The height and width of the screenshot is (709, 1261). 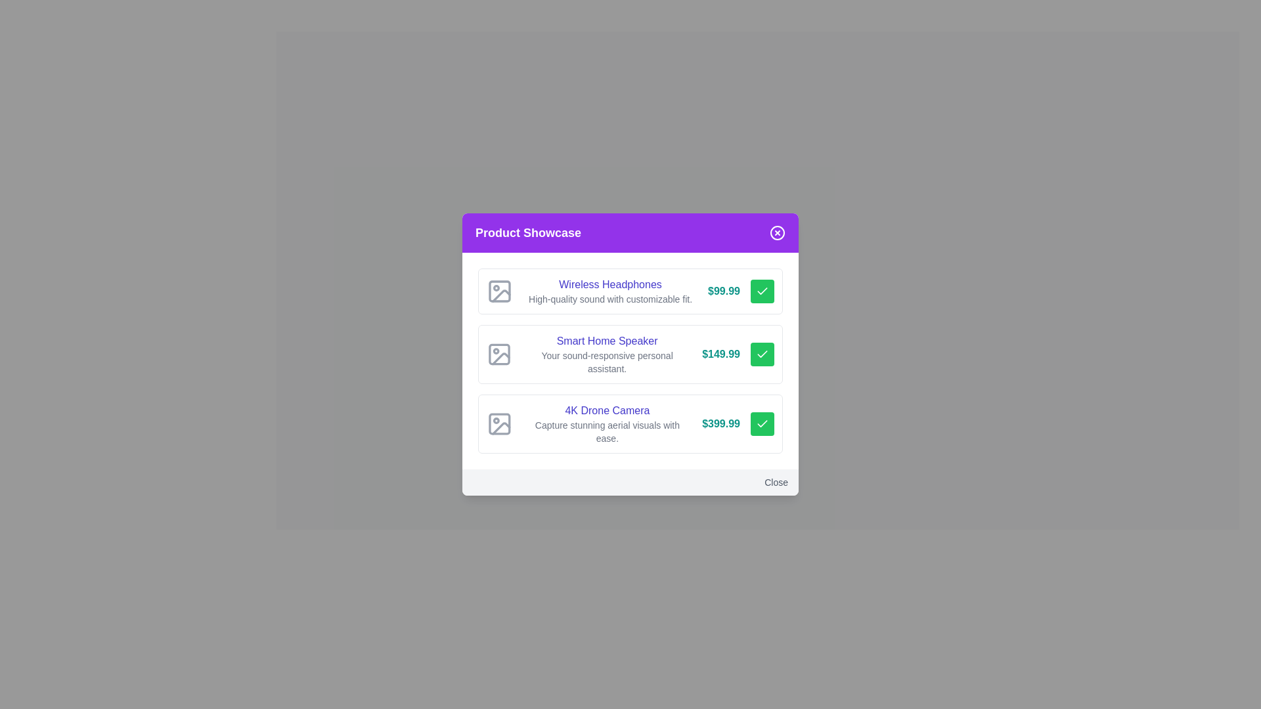 I want to click on secondary descriptive text element that provides additional details about the 'Smart Home Speaker' item, located directly below the 'Smart Home Speaker' text, centered within the dialog interface, so click(x=606, y=362).